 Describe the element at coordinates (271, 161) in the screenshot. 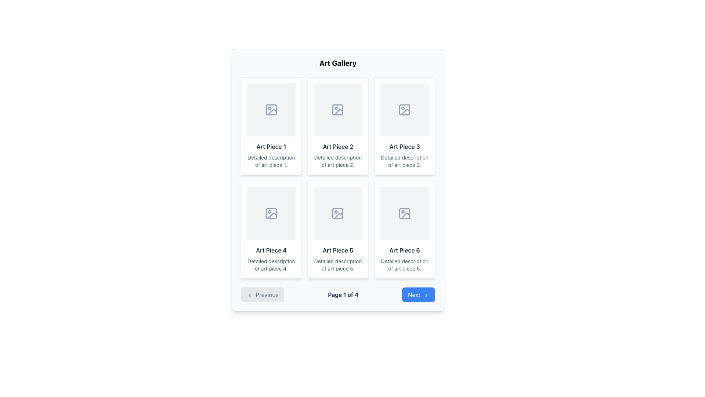

I see `descriptive text label for 'Art Piece 1', which is the second text line located within the card for 'Art Piece 1'` at that location.